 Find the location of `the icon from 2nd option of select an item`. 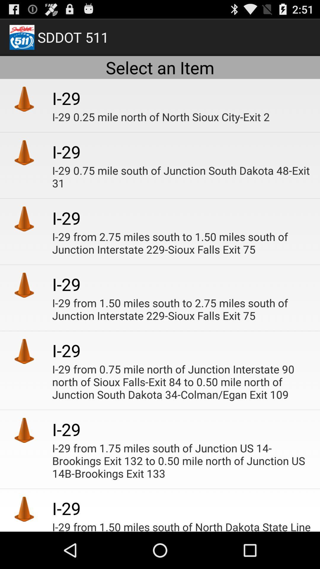

the icon from 2nd option of select an item is located at coordinates (24, 152).